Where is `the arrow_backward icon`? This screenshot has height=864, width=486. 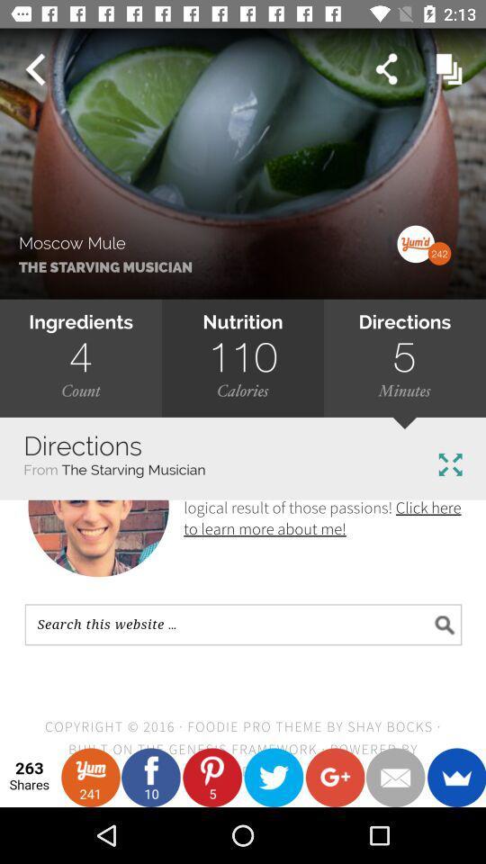 the arrow_backward icon is located at coordinates (34, 69).